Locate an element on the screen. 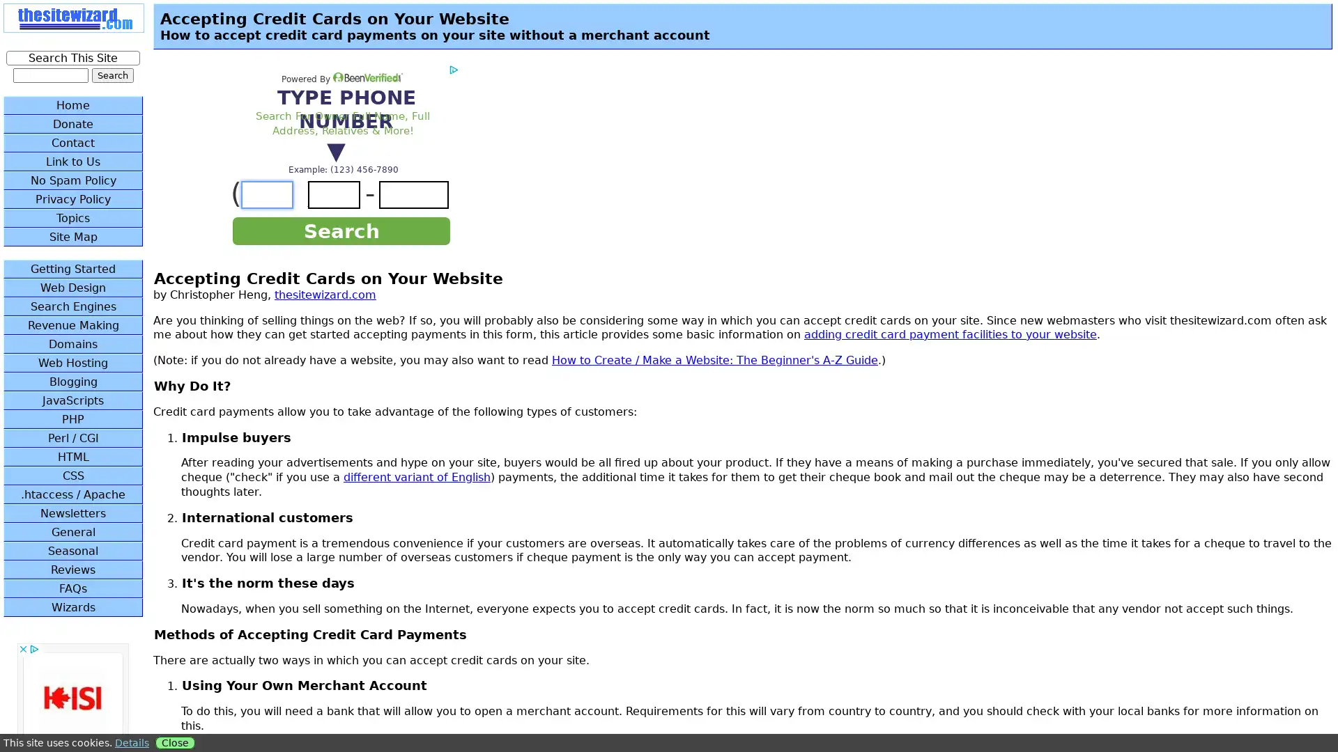  Search is located at coordinates (112, 75).